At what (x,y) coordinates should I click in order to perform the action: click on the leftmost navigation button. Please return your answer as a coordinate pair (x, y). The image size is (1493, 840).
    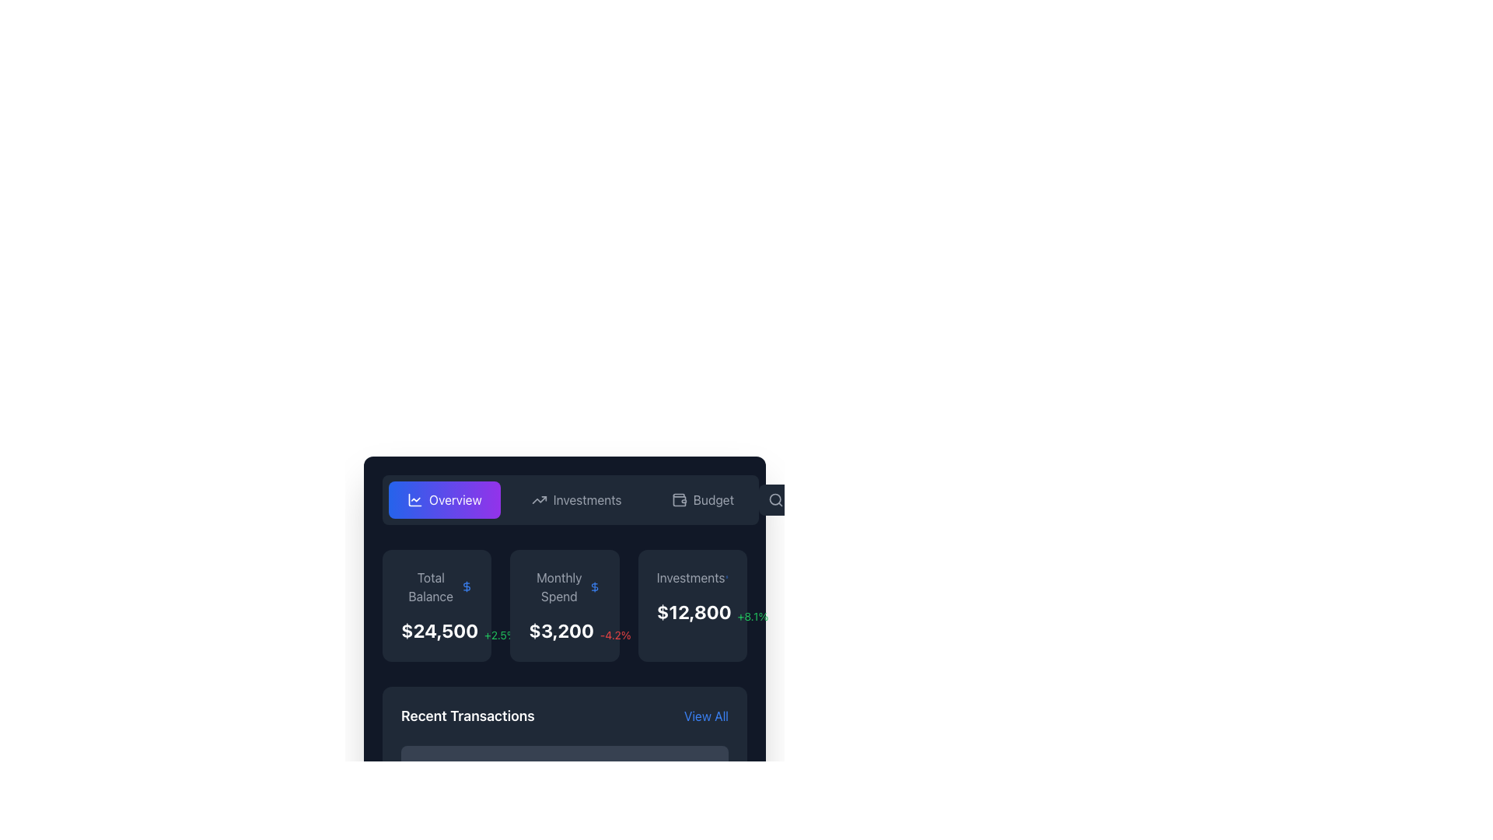
    Looking at the image, I should click on (443, 500).